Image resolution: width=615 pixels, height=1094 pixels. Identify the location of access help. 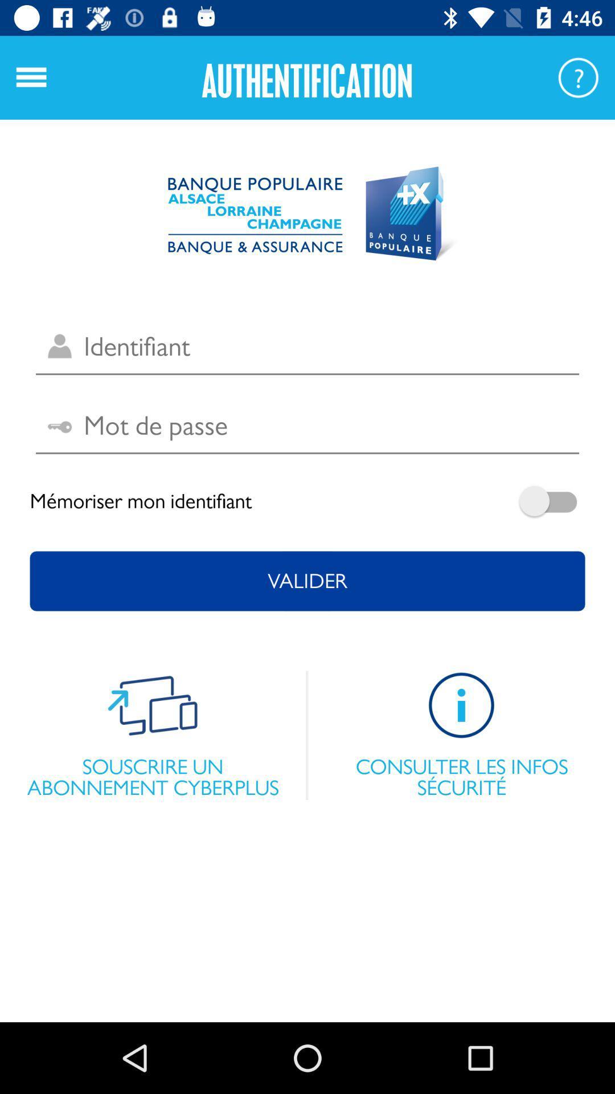
(578, 77).